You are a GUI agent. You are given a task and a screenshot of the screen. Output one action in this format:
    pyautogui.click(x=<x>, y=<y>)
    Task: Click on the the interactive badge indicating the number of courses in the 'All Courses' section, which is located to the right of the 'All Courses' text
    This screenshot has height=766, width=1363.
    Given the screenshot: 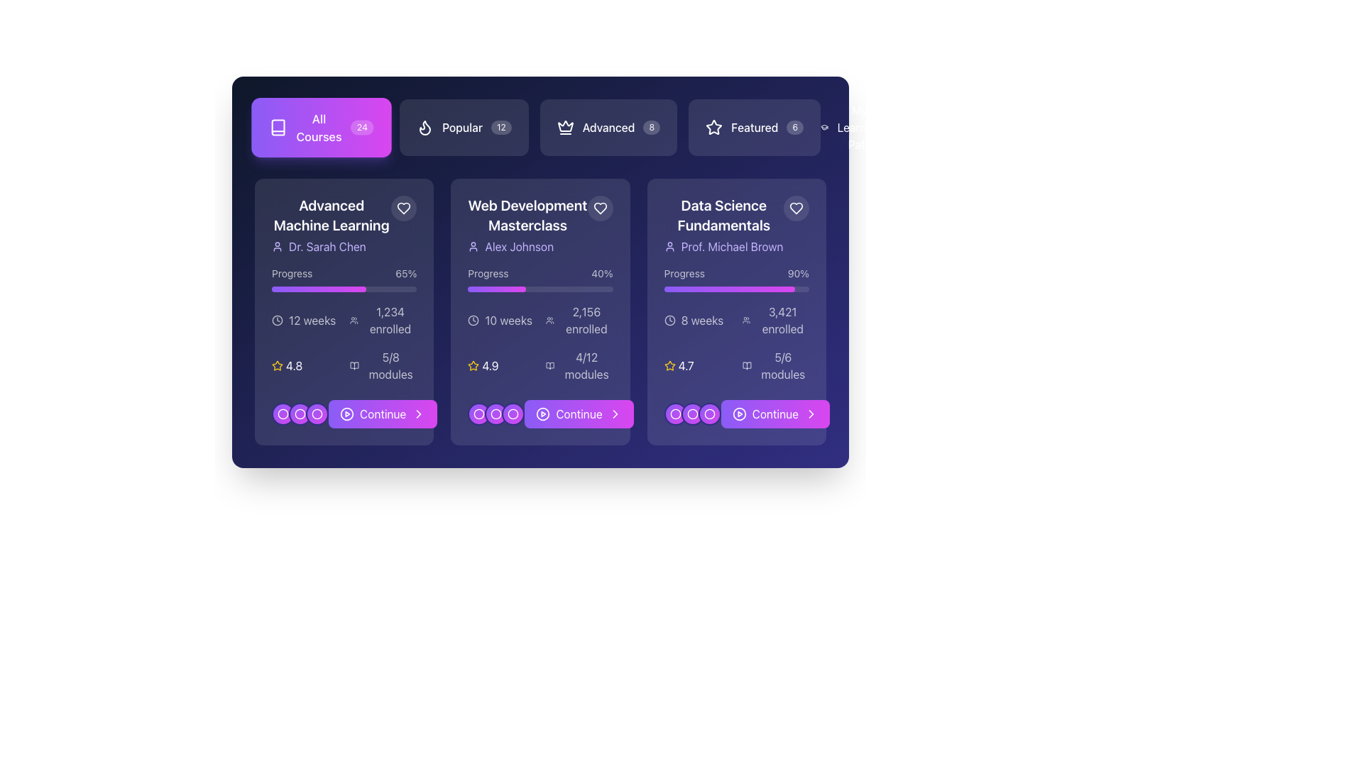 What is the action you would take?
    pyautogui.click(x=361, y=128)
    